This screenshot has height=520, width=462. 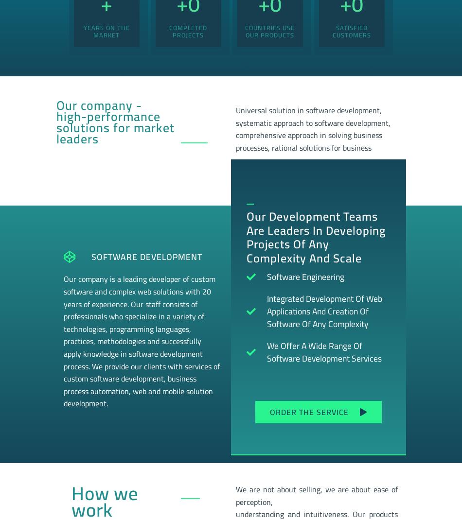 What do you see at coordinates (324, 311) in the screenshot?
I see `'Integrated development of web applications and creation of software of any complexity'` at bounding box center [324, 311].